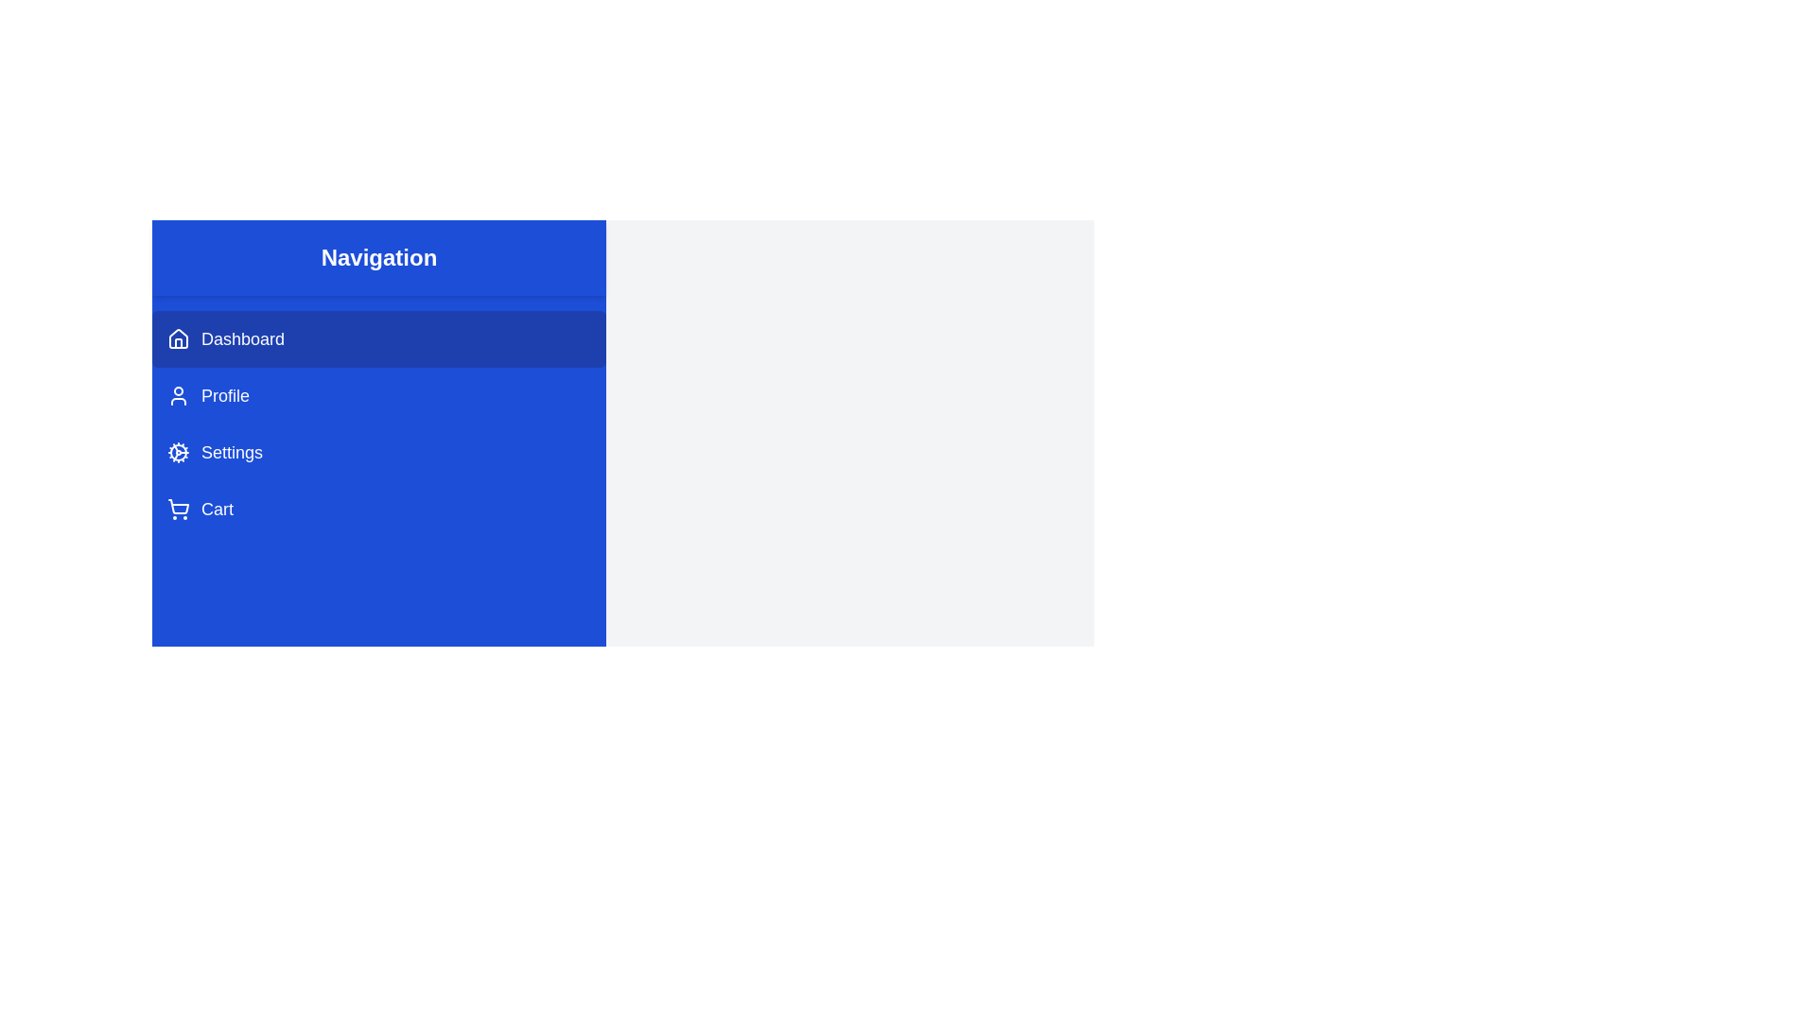  Describe the element at coordinates (178, 506) in the screenshot. I see `the stylized shopping cart icon located at the bottom of the navigation menu on the left side of the interface` at that location.